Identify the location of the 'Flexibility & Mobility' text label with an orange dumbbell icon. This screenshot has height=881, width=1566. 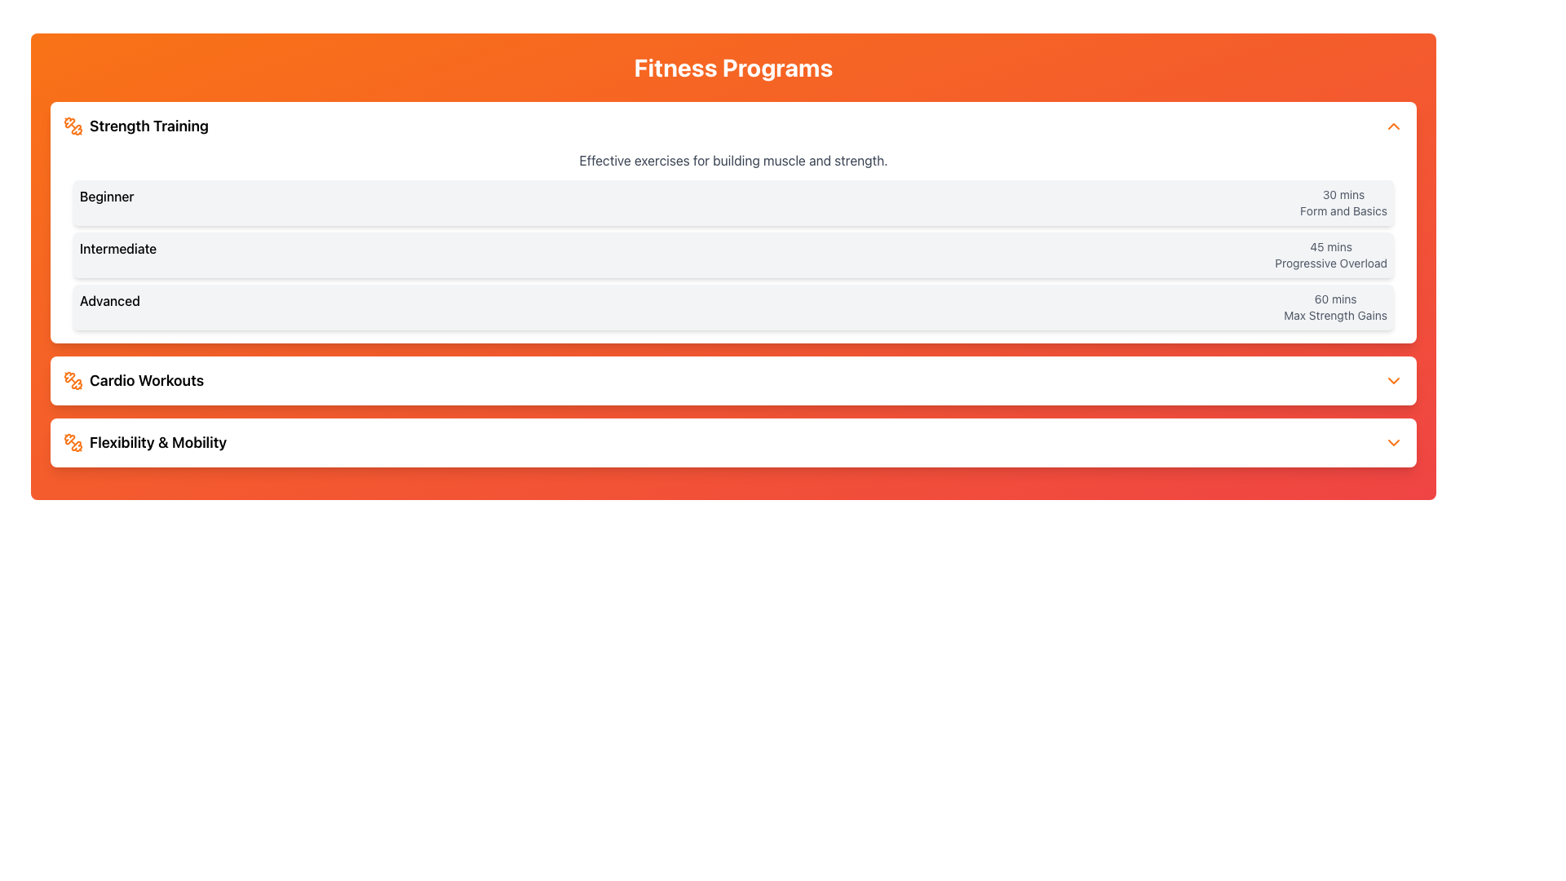
(145, 443).